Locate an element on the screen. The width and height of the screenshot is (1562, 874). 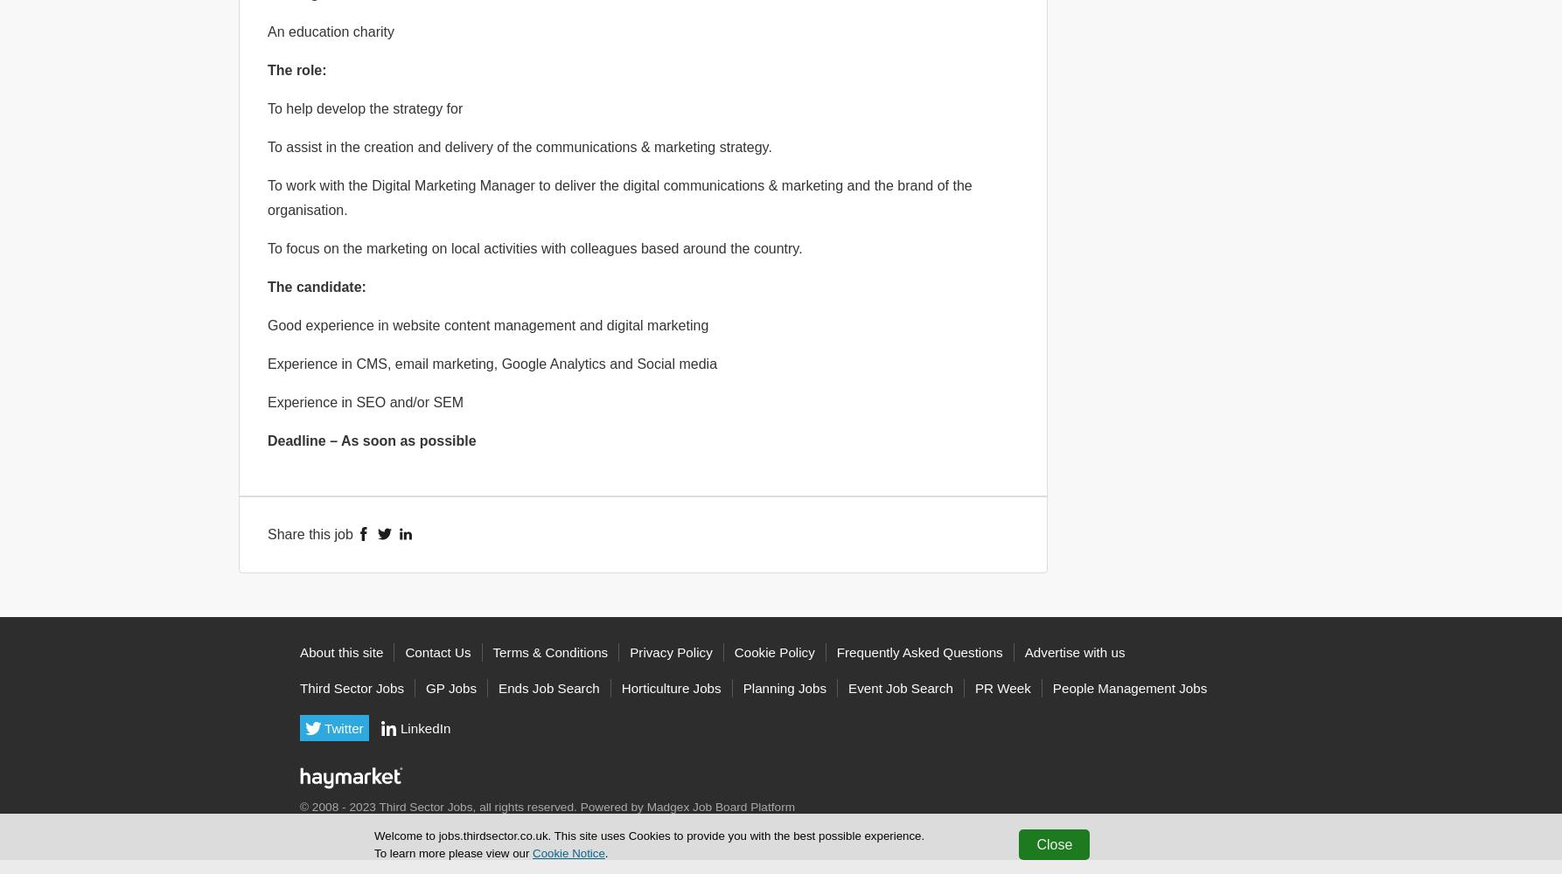
'Close' is located at coordinates (1054, 843).